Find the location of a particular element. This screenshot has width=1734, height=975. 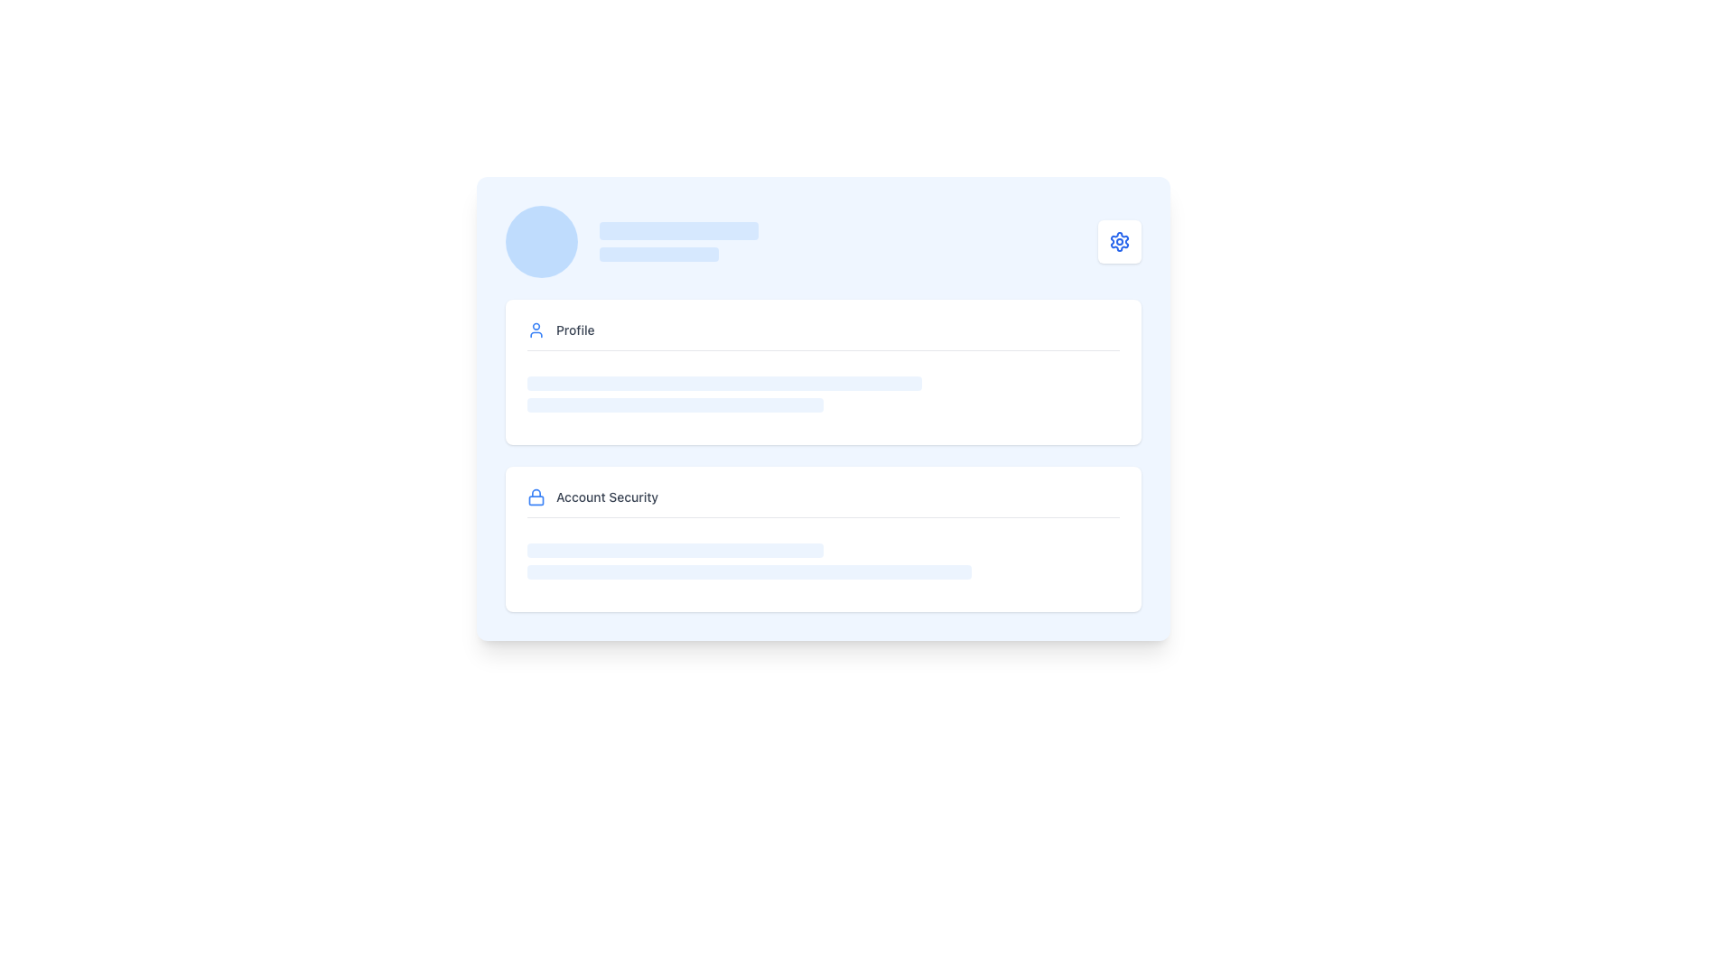

the loading bar positioned directly above a smaller bar in the vertical stack of elements is located at coordinates (678, 229).